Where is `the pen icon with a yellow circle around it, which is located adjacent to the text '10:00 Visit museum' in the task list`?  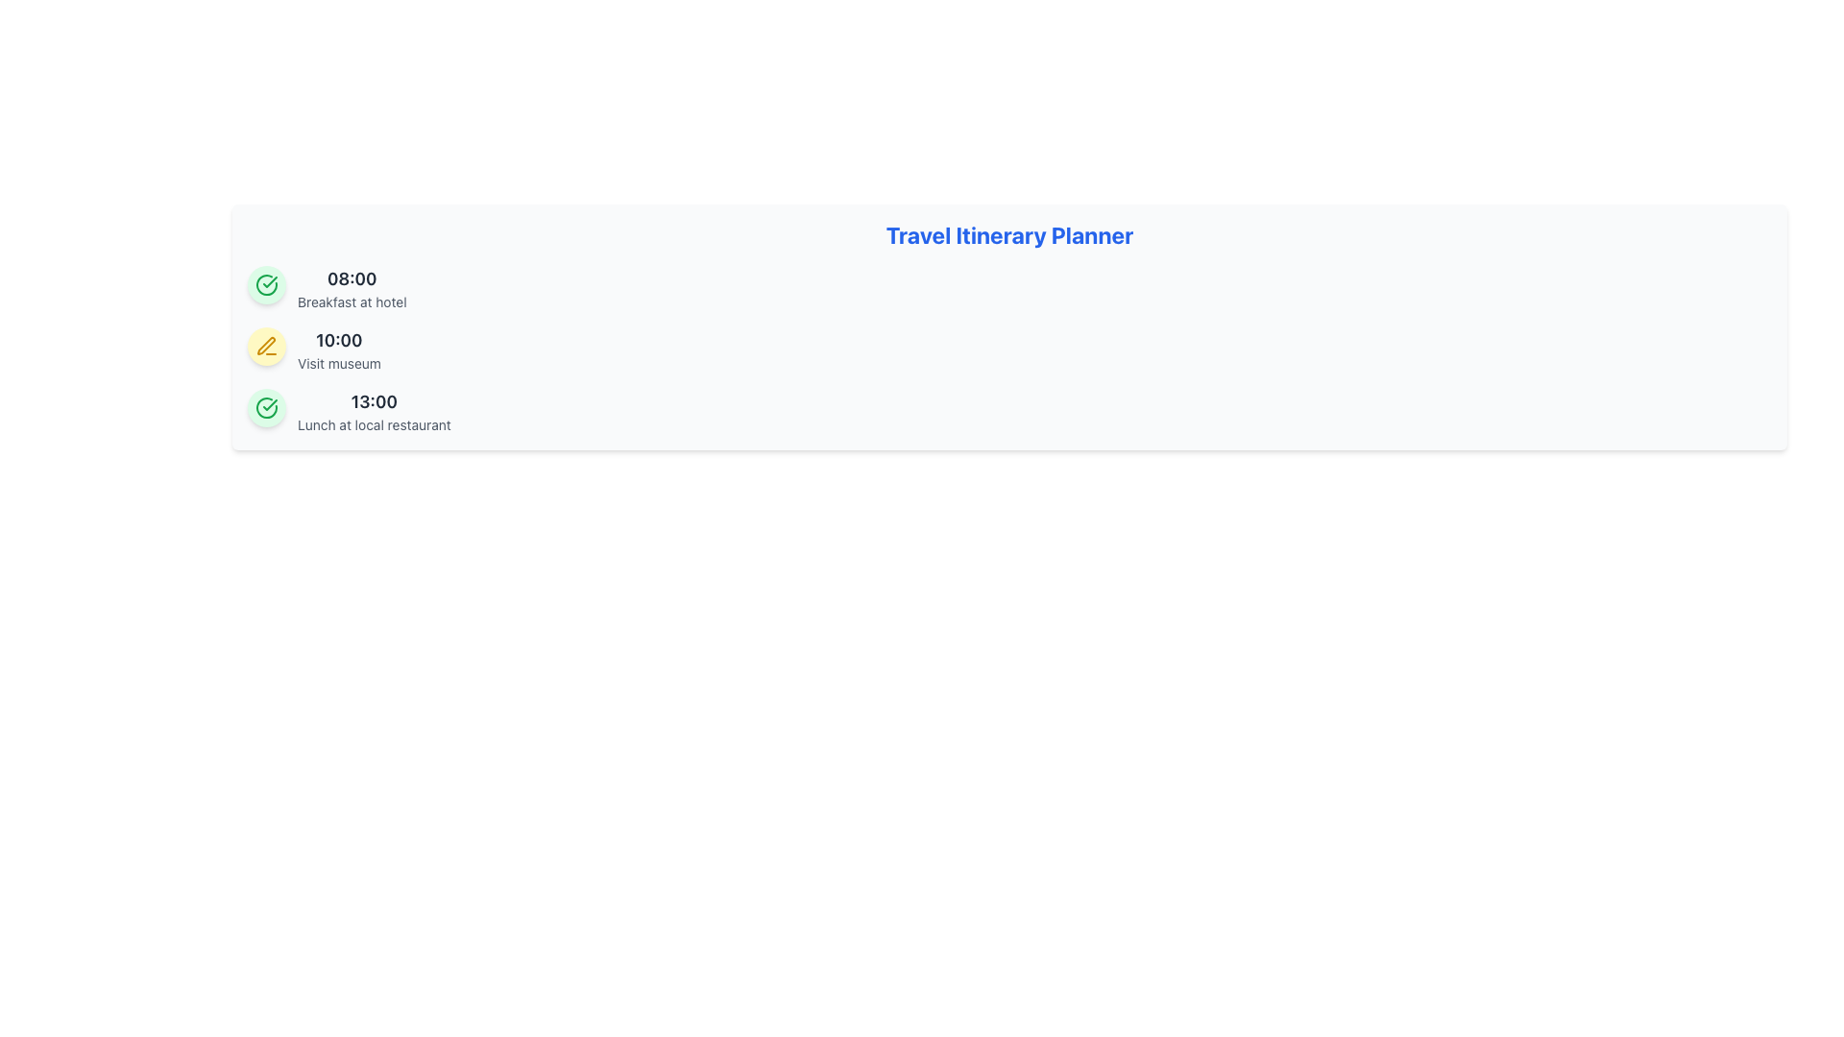
the pen icon with a yellow circle around it, which is located adjacent to the text '10:00 Visit museum' in the task list is located at coordinates (265, 346).